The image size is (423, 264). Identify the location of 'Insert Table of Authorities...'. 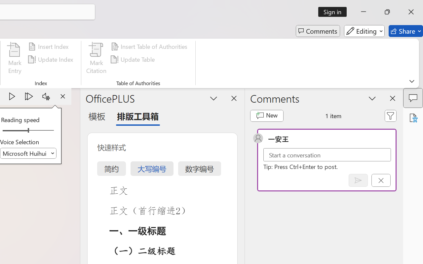
(150, 47).